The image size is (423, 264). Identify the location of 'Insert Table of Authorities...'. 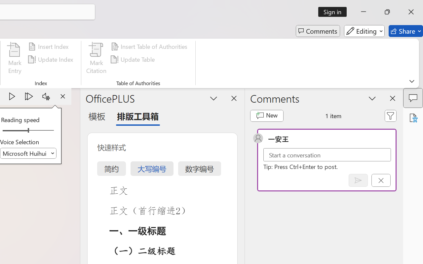
(150, 47).